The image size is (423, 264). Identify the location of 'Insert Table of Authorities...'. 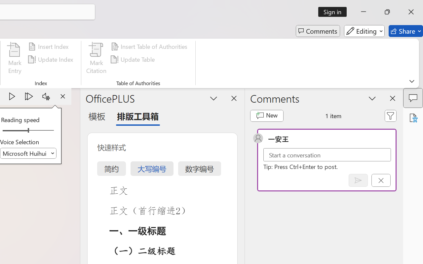
(150, 47).